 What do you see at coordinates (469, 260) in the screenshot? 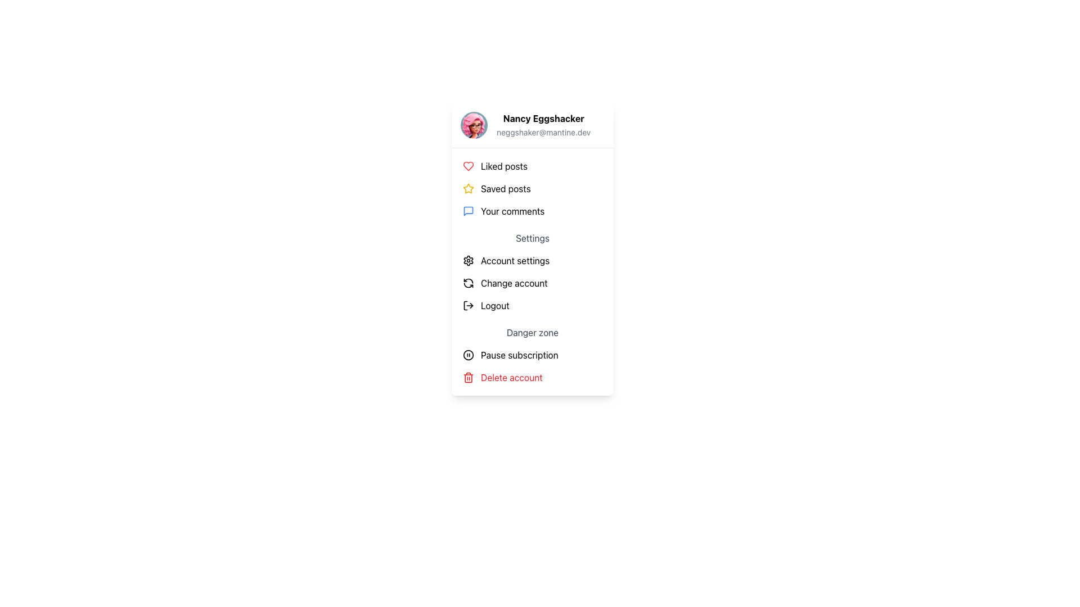
I see `the settings icon located to the far left of the 'Account settings' row in the menu list` at bounding box center [469, 260].